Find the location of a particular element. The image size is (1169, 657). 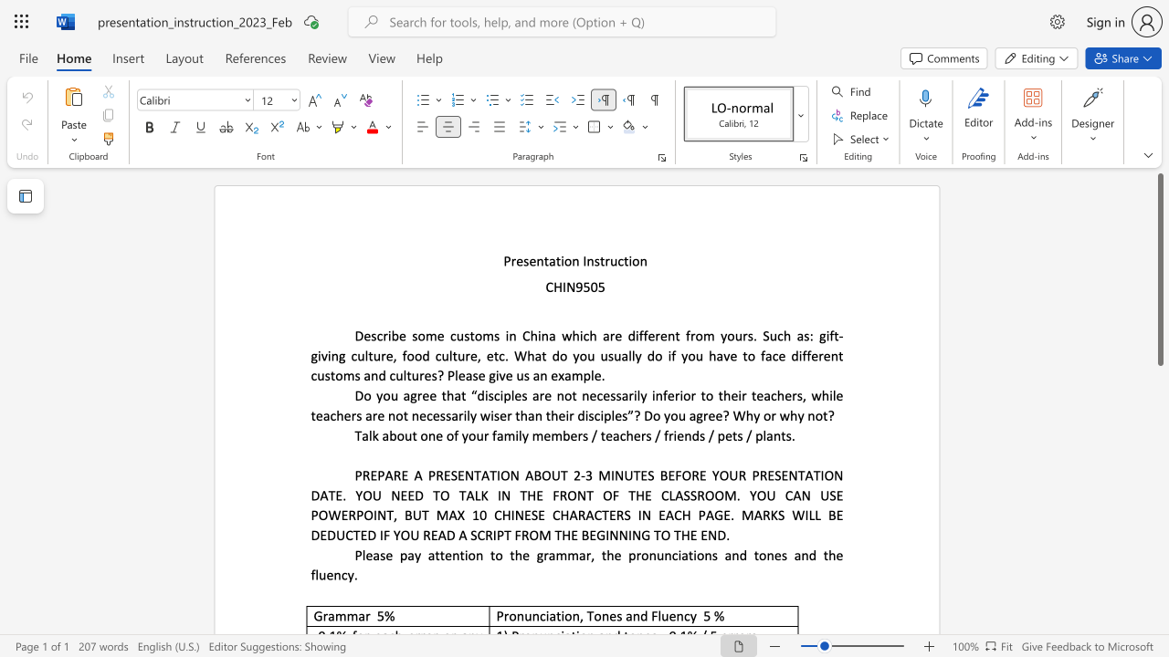

the scrollbar to scroll the page down is located at coordinates (1159, 593).